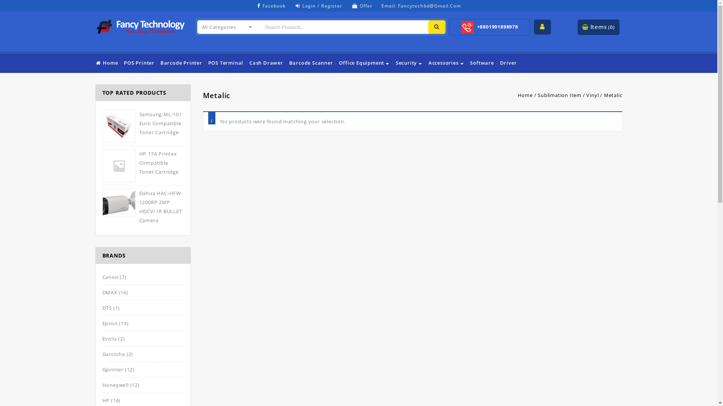  What do you see at coordinates (181, 62) in the screenshot?
I see `'Barcode Printer'` at bounding box center [181, 62].